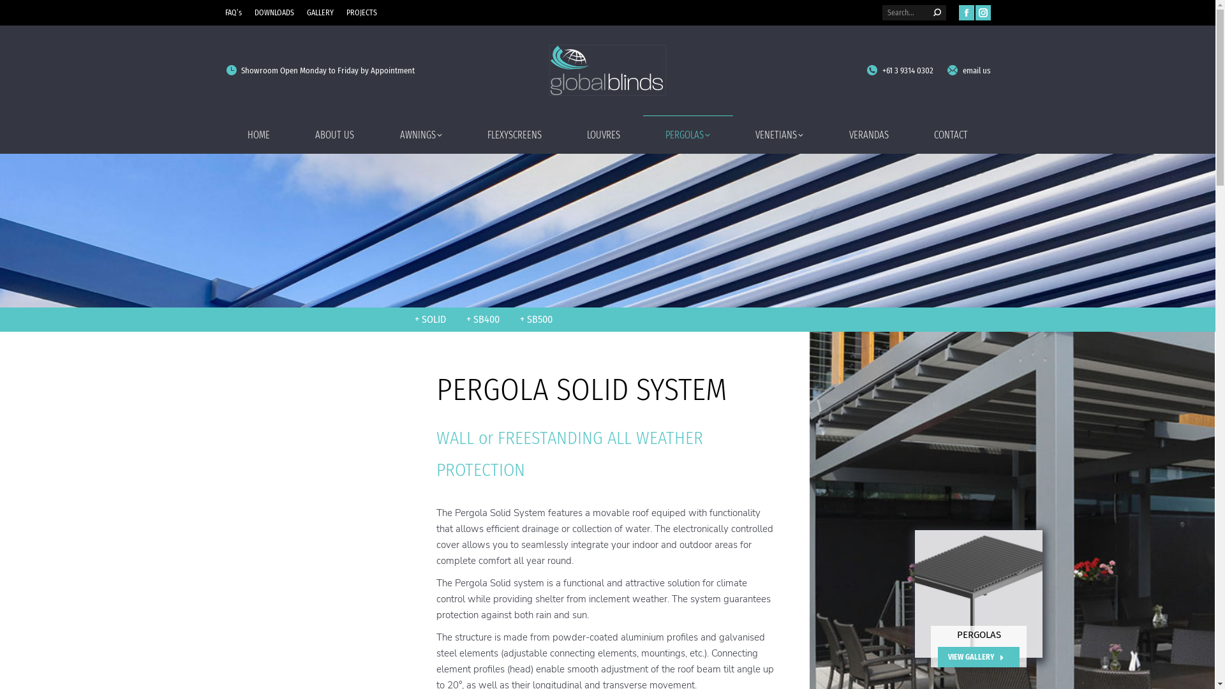  What do you see at coordinates (978, 656) in the screenshot?
I see `'VIEW GALLERY'` at bounding box center [978, 656].